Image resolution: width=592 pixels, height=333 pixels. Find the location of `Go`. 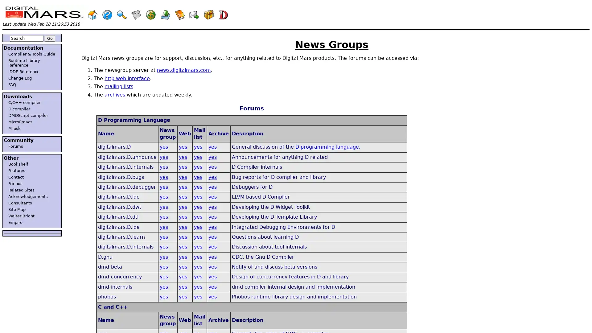

Go is located at coordinates (50, 38).